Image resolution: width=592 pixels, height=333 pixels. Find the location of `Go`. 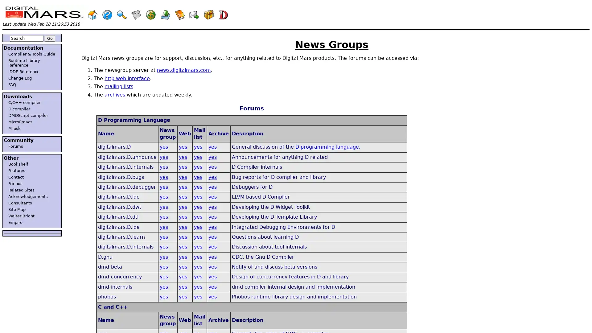

Go is located at coordinates (50, 38).